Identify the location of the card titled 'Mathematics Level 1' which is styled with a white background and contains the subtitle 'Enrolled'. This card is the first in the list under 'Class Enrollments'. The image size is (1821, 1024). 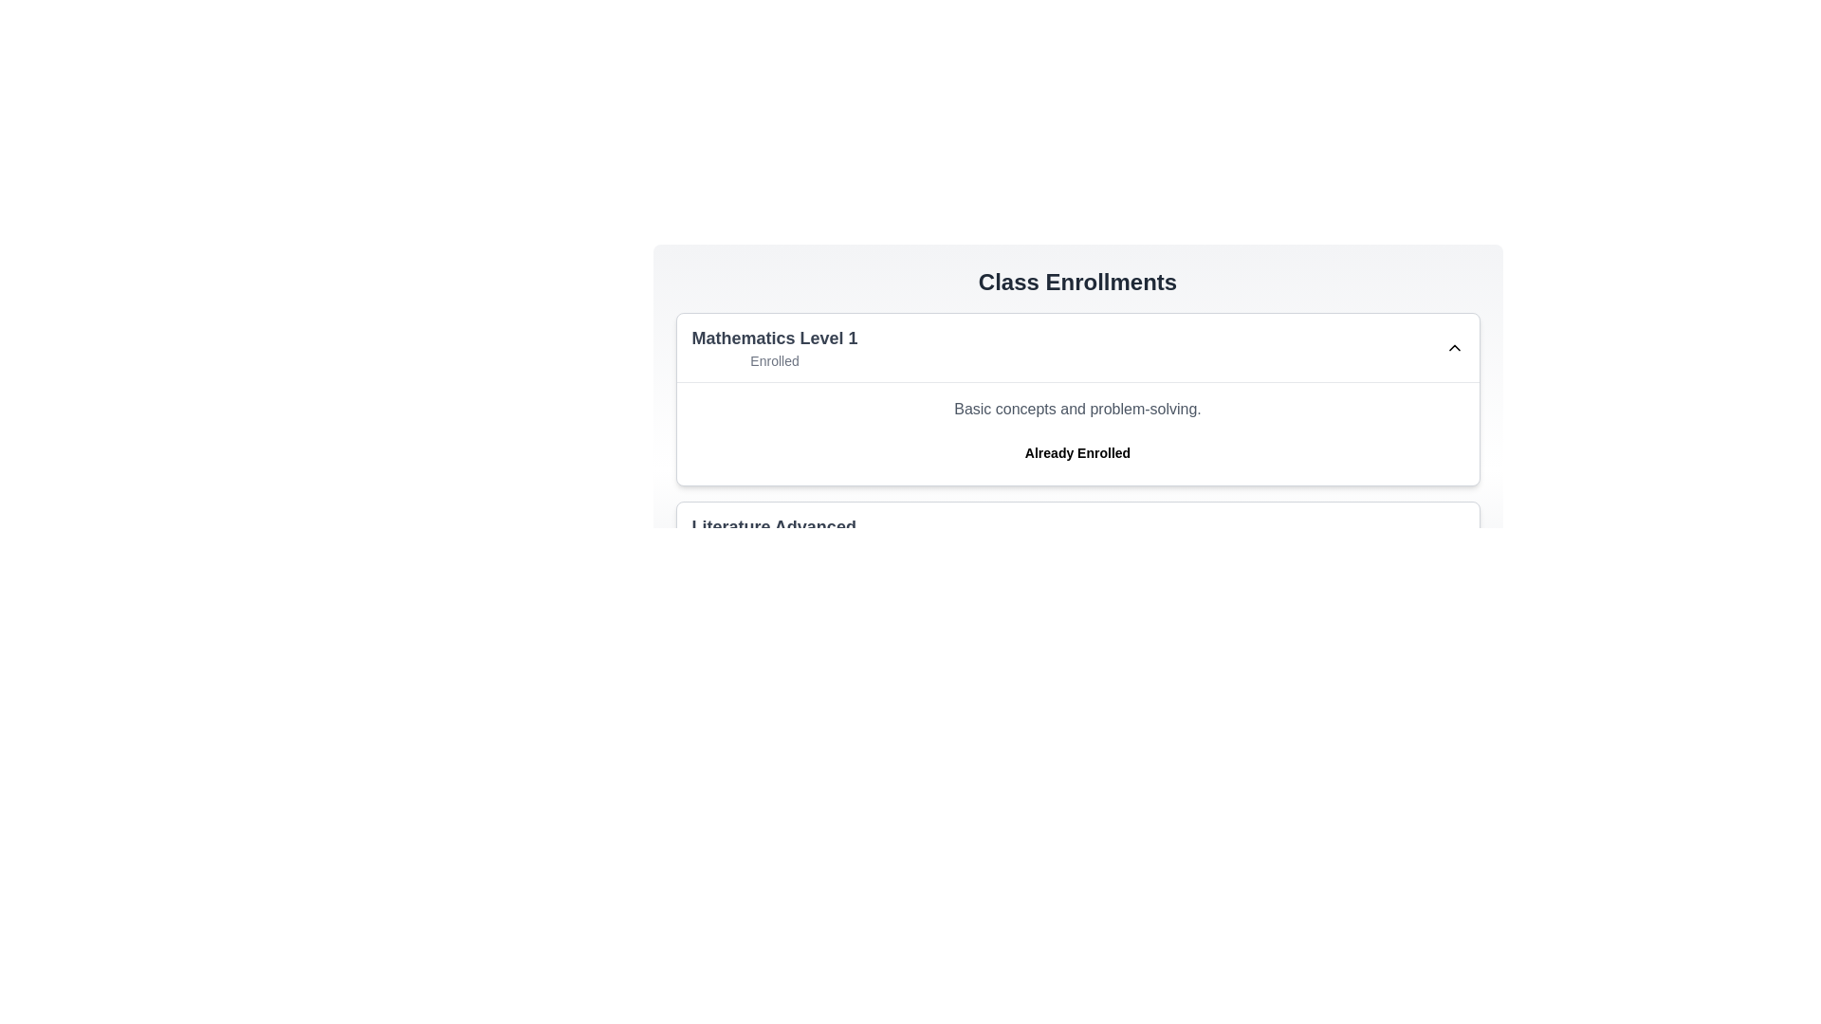
(1077, 398).